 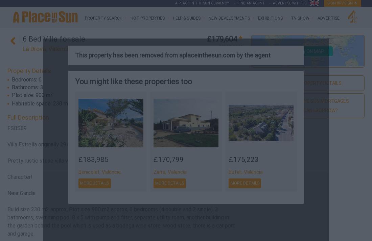 What do you see at coordinates (223, 39) in the screenshot?
I see `'£179,604'` at bounding box center [223, 39].